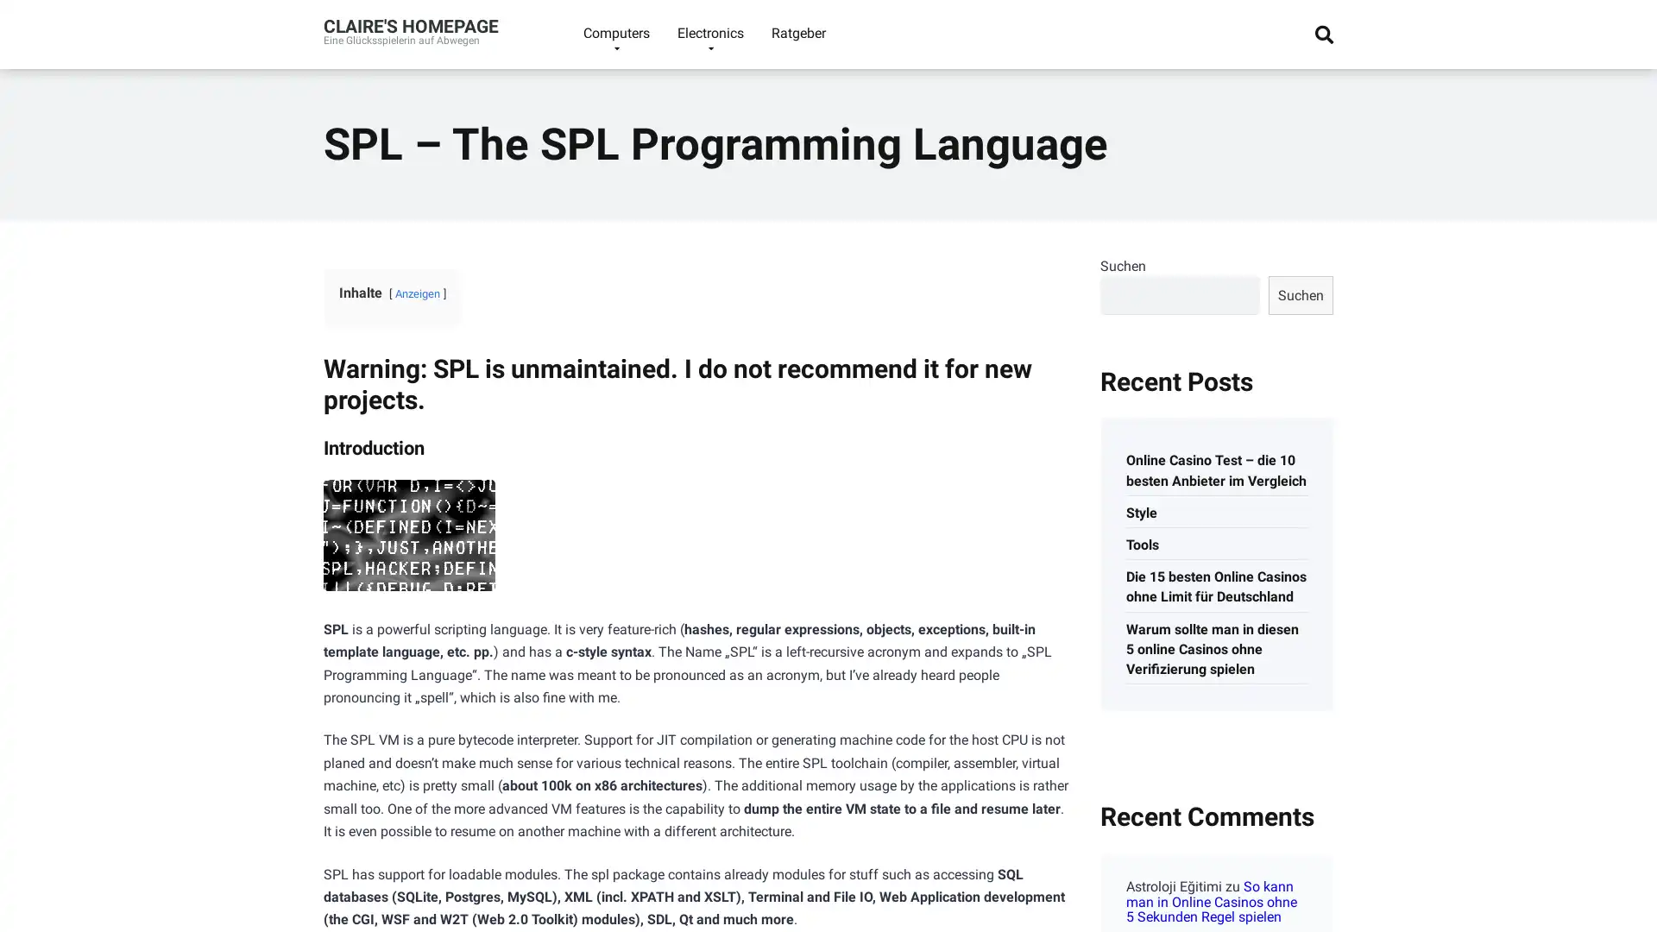 The width and height of the screenshot is (1657, 932). Describe the element at coordinates (1301, 293) in the screenshot. I see `Suchen` at that location.